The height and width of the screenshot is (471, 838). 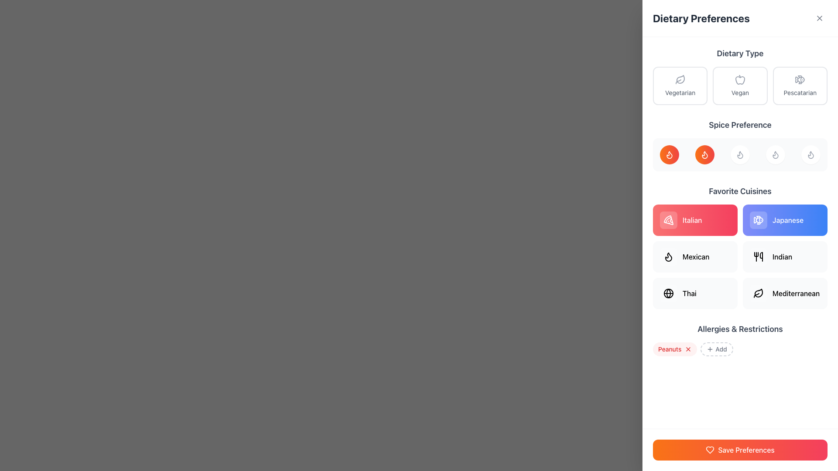 I want to click on the circular button with a flame icon at its center, located in the 'Spice Preference' section, for keyboard navigation, so click(x=810, y=154).